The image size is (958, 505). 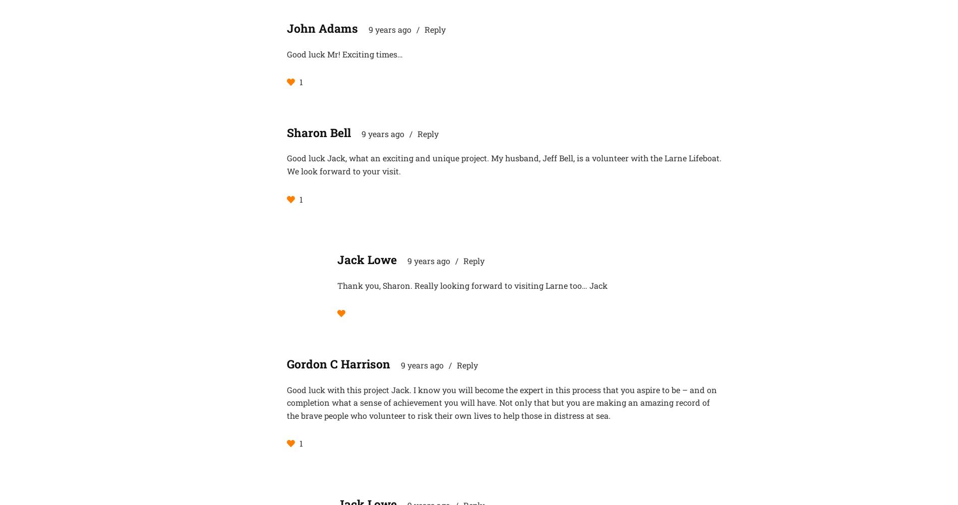 What do you see at coordinates (287, 364) in the screenshot?
I see `'Gordon C Harrison'` at bounding box center [287, 364].